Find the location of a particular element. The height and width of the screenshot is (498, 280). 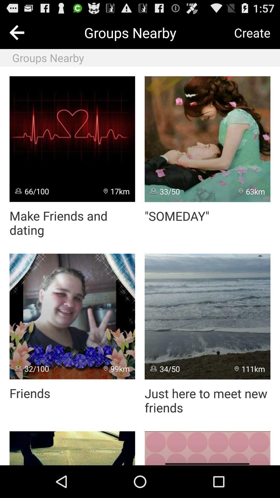

the 111km item is located at coordinates (249, 368).